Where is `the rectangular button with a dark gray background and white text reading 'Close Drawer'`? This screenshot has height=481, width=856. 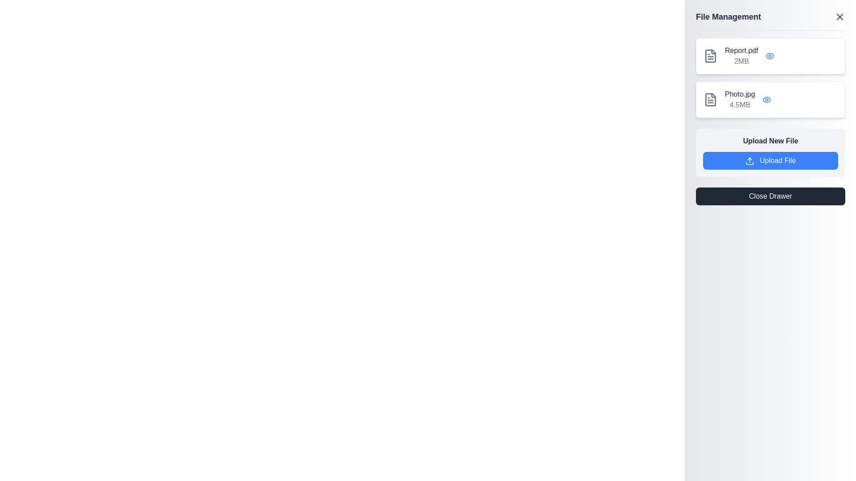 the rectangular button with a dark gray background and white text reading 'Close Drawer' is located at coordinates (770, 196).